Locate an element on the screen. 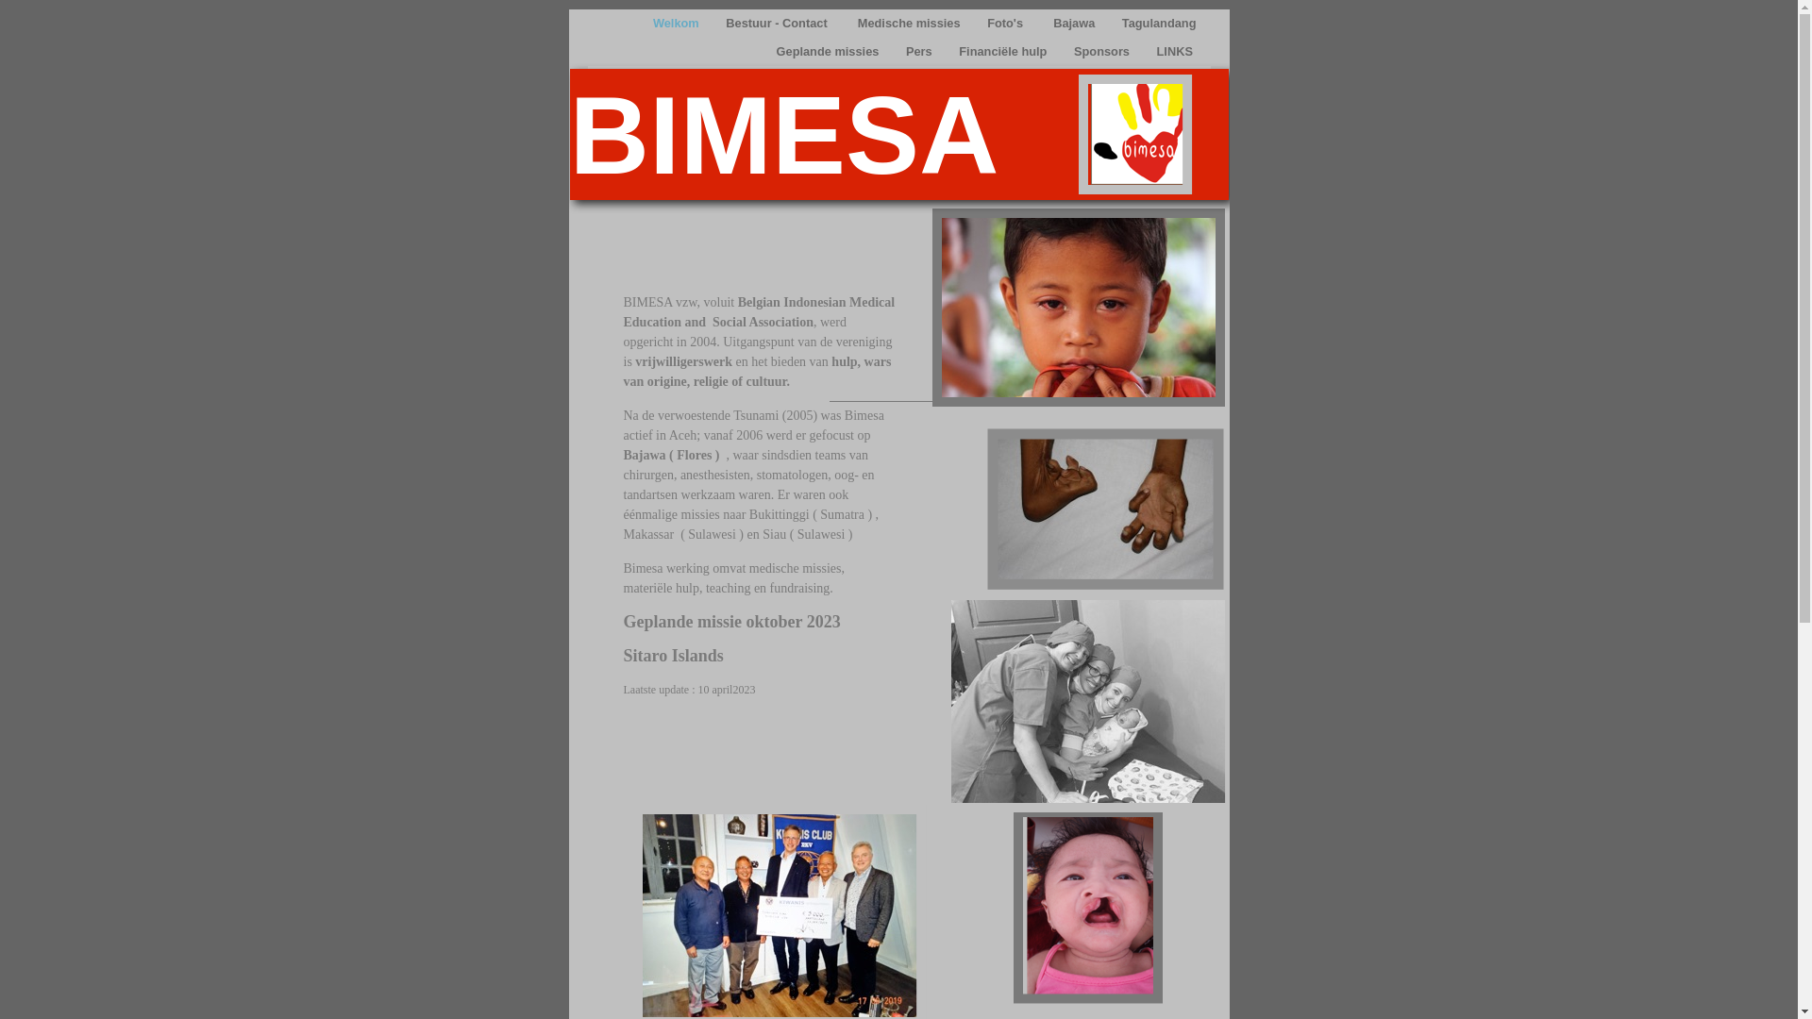 This screenshot has height=1019, width=1812. 'Tagulandang' is located at coordinates (1158, 23).